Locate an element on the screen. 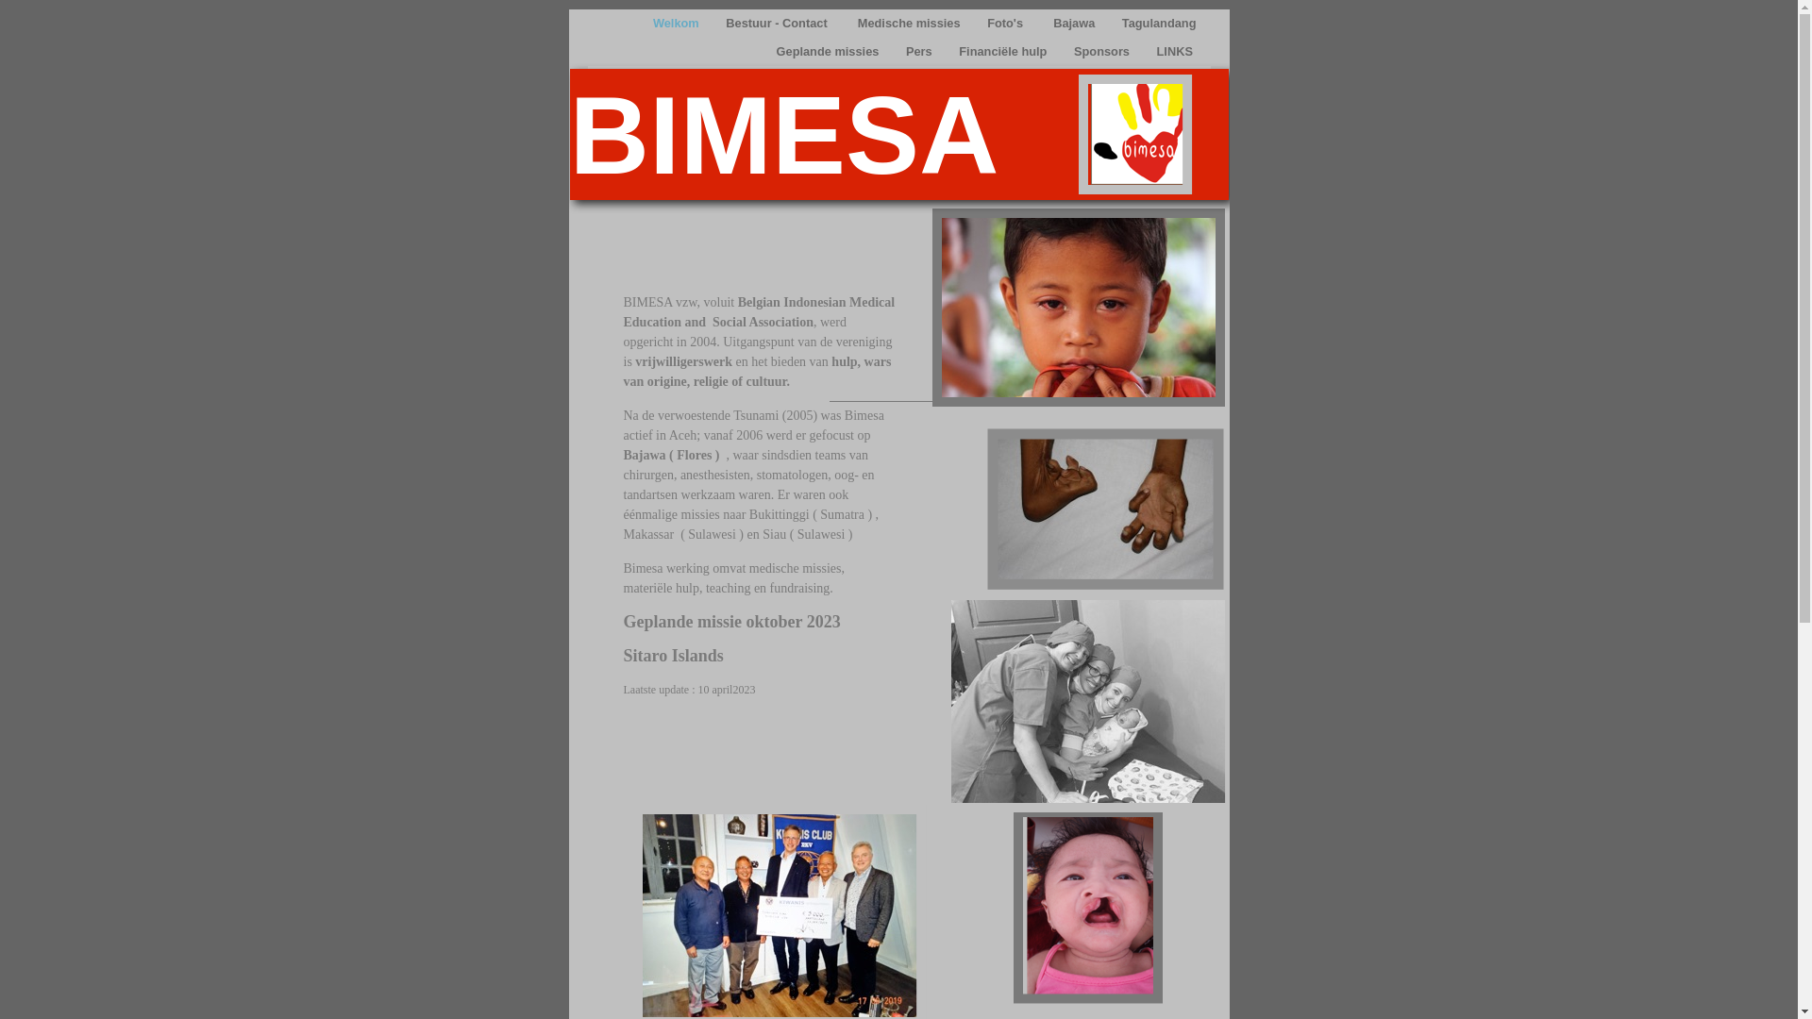 This screenshot has height=1019, width=1812. 'Tagulandang' is located at coordinates (1158, 23).